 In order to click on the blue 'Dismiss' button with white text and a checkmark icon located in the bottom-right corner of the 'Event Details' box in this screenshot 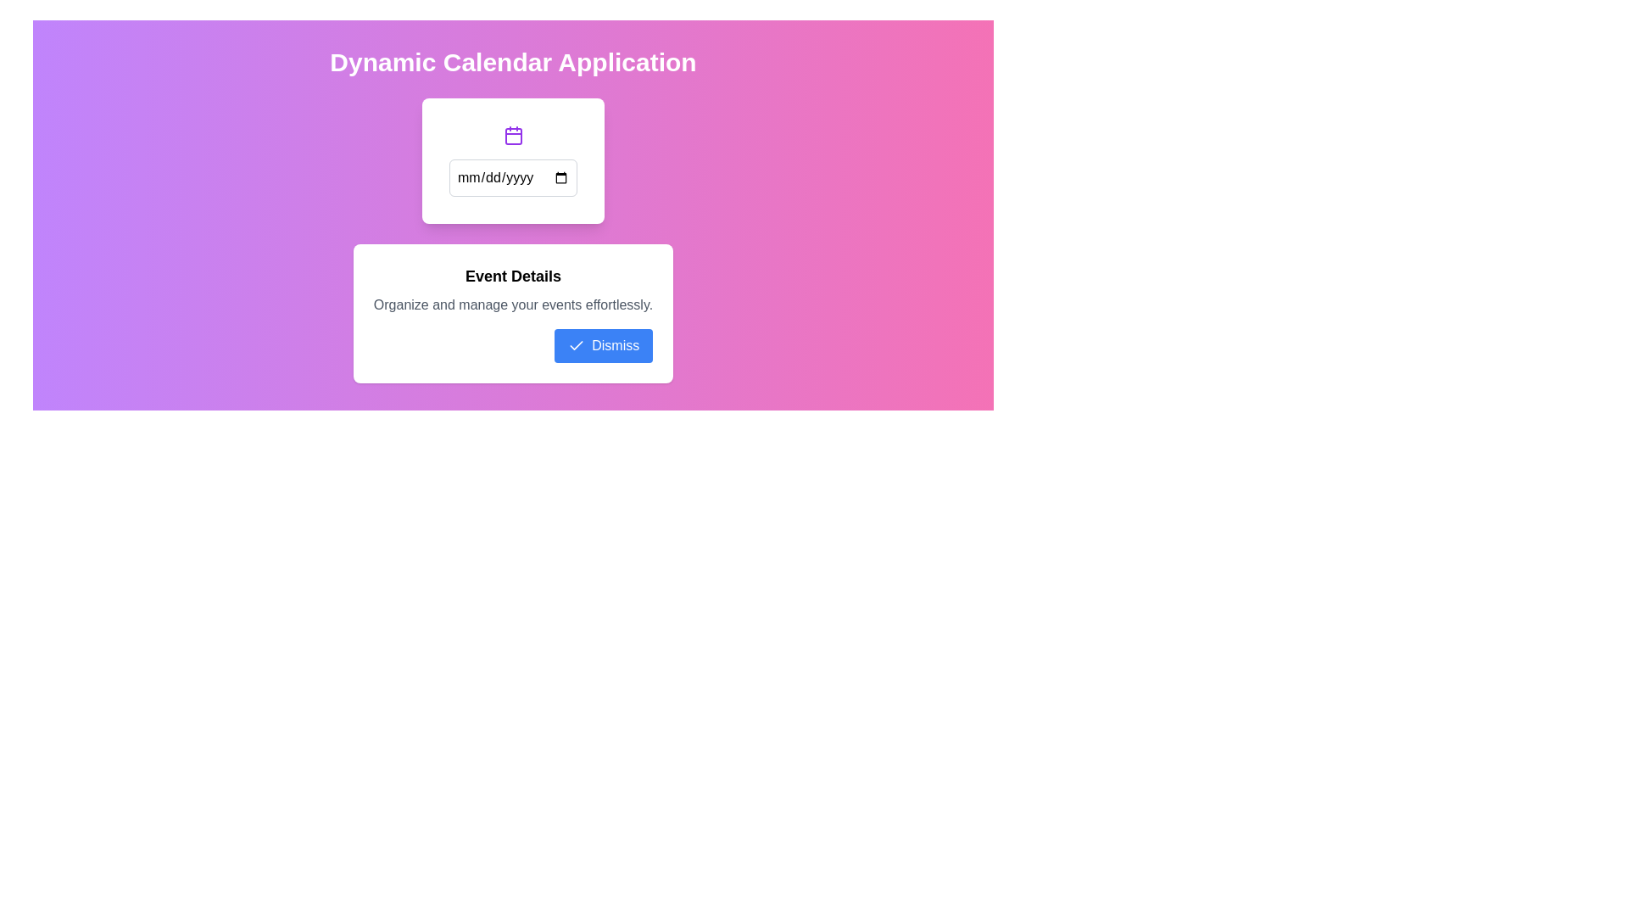, I will do `click(604, 345)`.